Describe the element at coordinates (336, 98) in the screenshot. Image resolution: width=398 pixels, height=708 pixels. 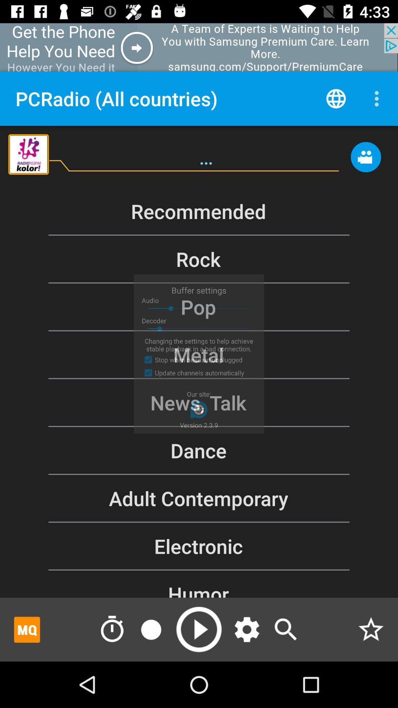
I see `open web browser` at that location.